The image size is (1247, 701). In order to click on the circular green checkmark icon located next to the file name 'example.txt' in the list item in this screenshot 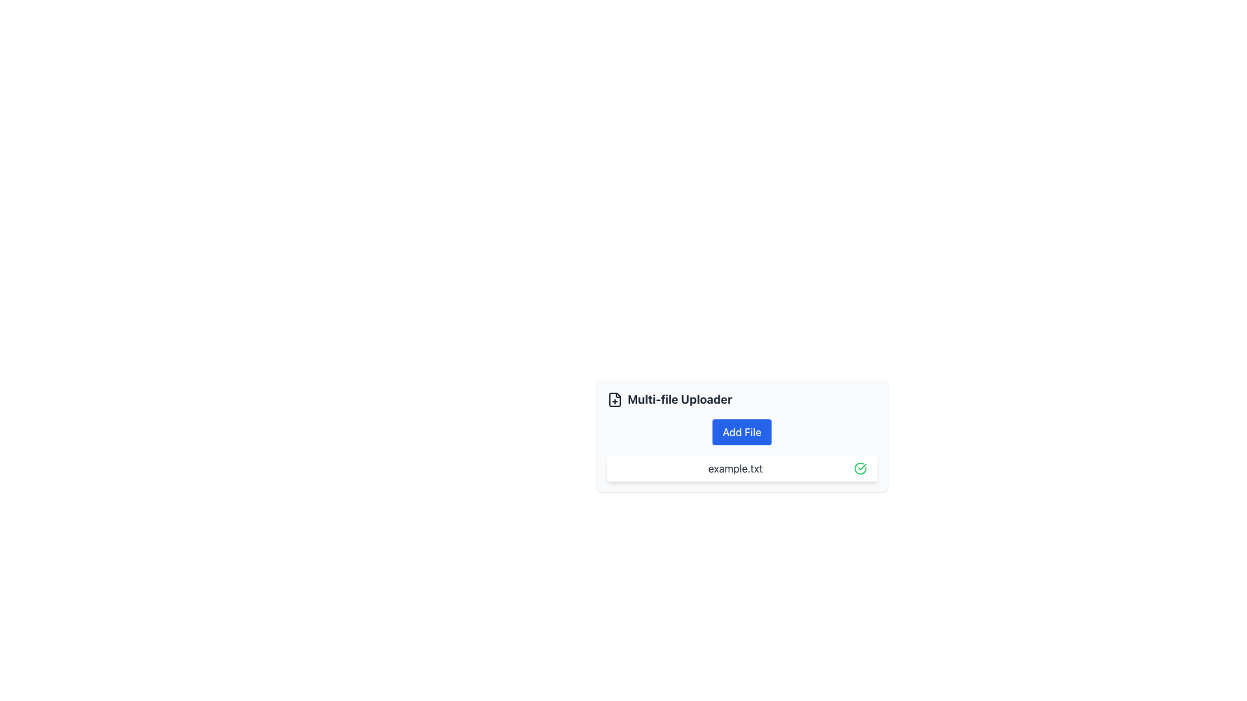, I will do `click(860, 468)`.